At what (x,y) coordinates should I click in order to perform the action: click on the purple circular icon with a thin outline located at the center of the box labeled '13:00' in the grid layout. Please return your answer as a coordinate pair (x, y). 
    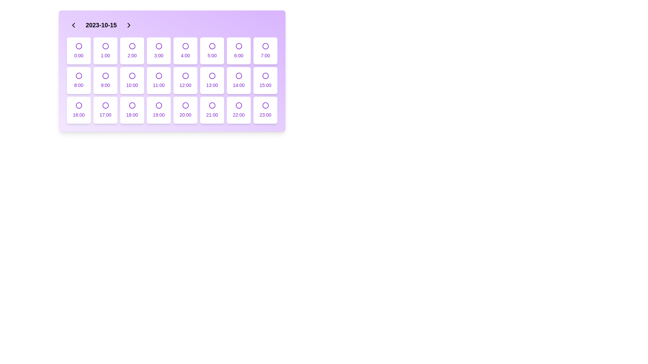
    Looking at the image, I should click on (212, 75).